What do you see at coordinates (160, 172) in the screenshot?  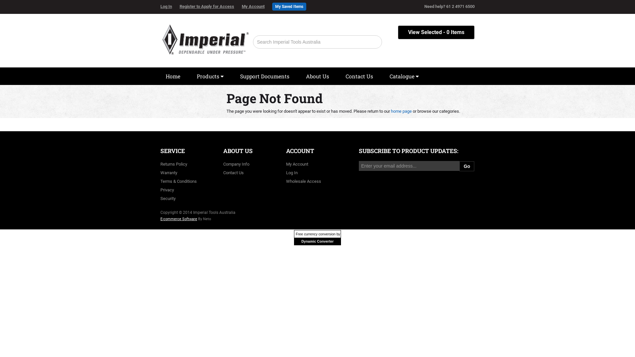 I see `'Warranty'` at bounding box center [160, 172].